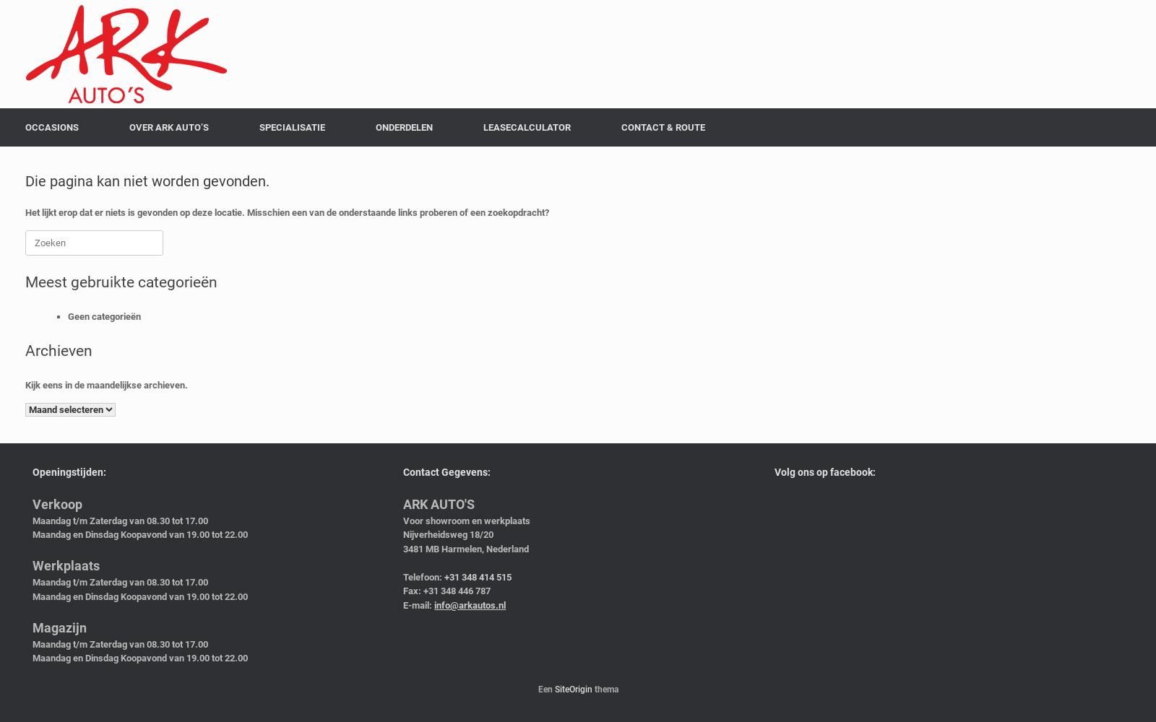 The image size is (1156, 722). I want to click on 'E-mail:', so click(417, 604).